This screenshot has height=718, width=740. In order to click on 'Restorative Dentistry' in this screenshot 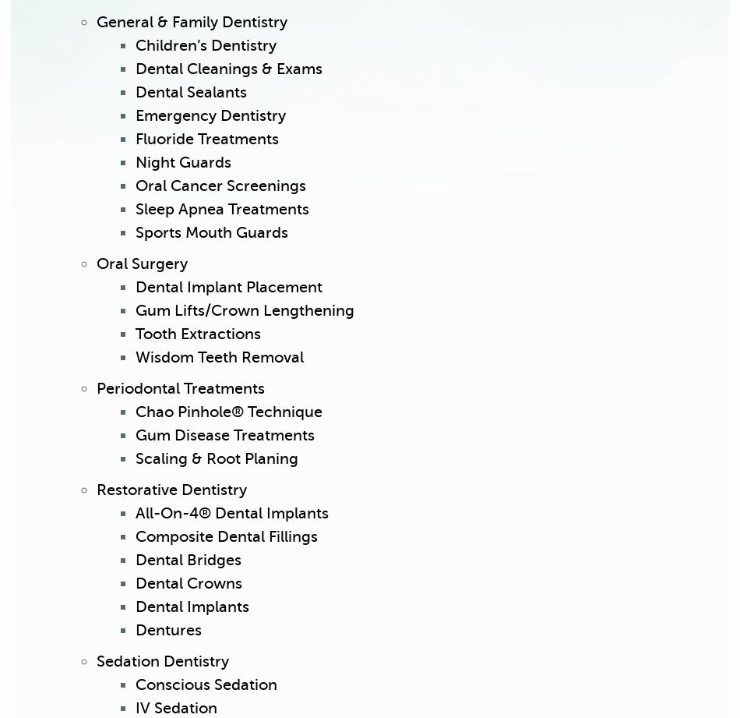, I will do `click(171, 490)`.